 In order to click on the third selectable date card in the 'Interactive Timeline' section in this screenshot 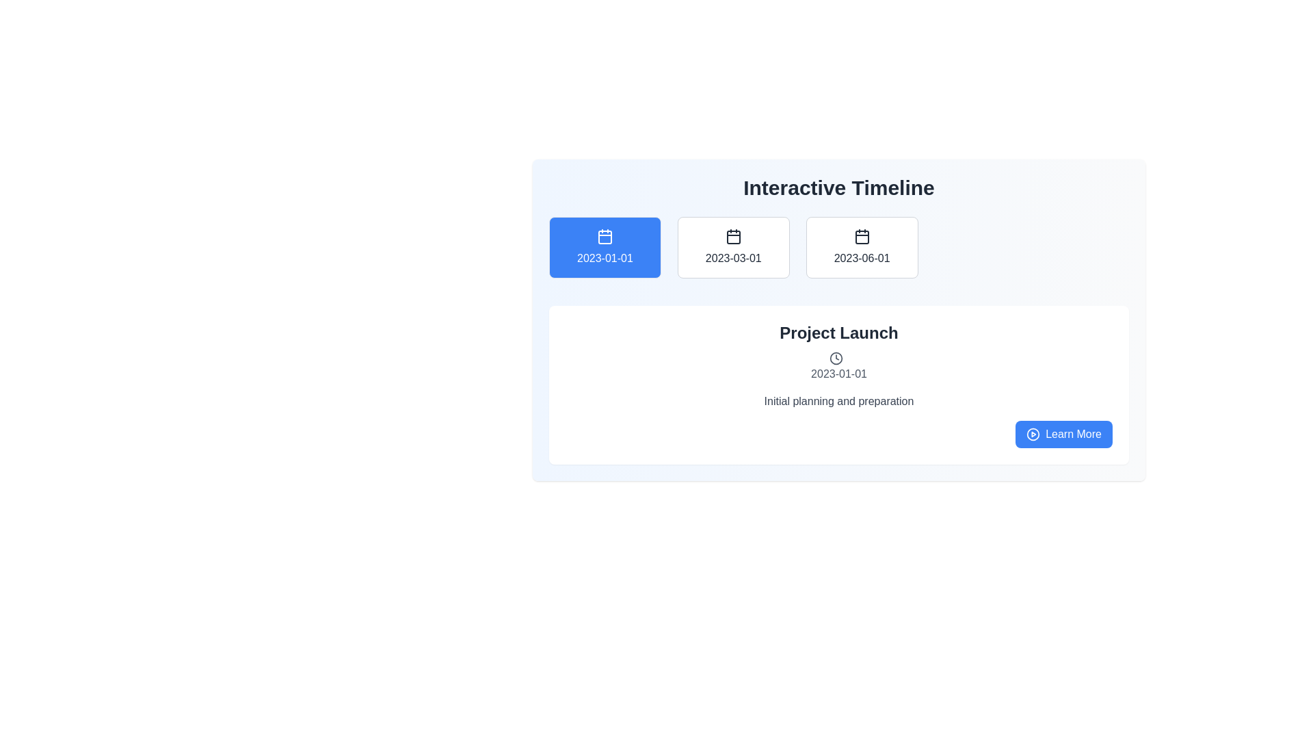, I will do `click(838, 253)`.